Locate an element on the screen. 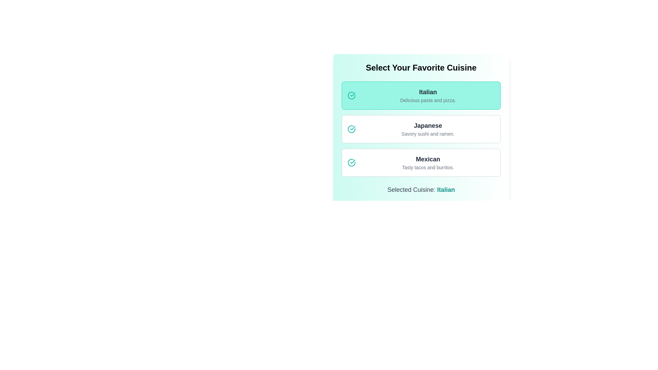 Image resolution: width=658 pixels, height=370 pixels. the clickable list item labeled 'Mexican' is located at coordinates (421, 162).